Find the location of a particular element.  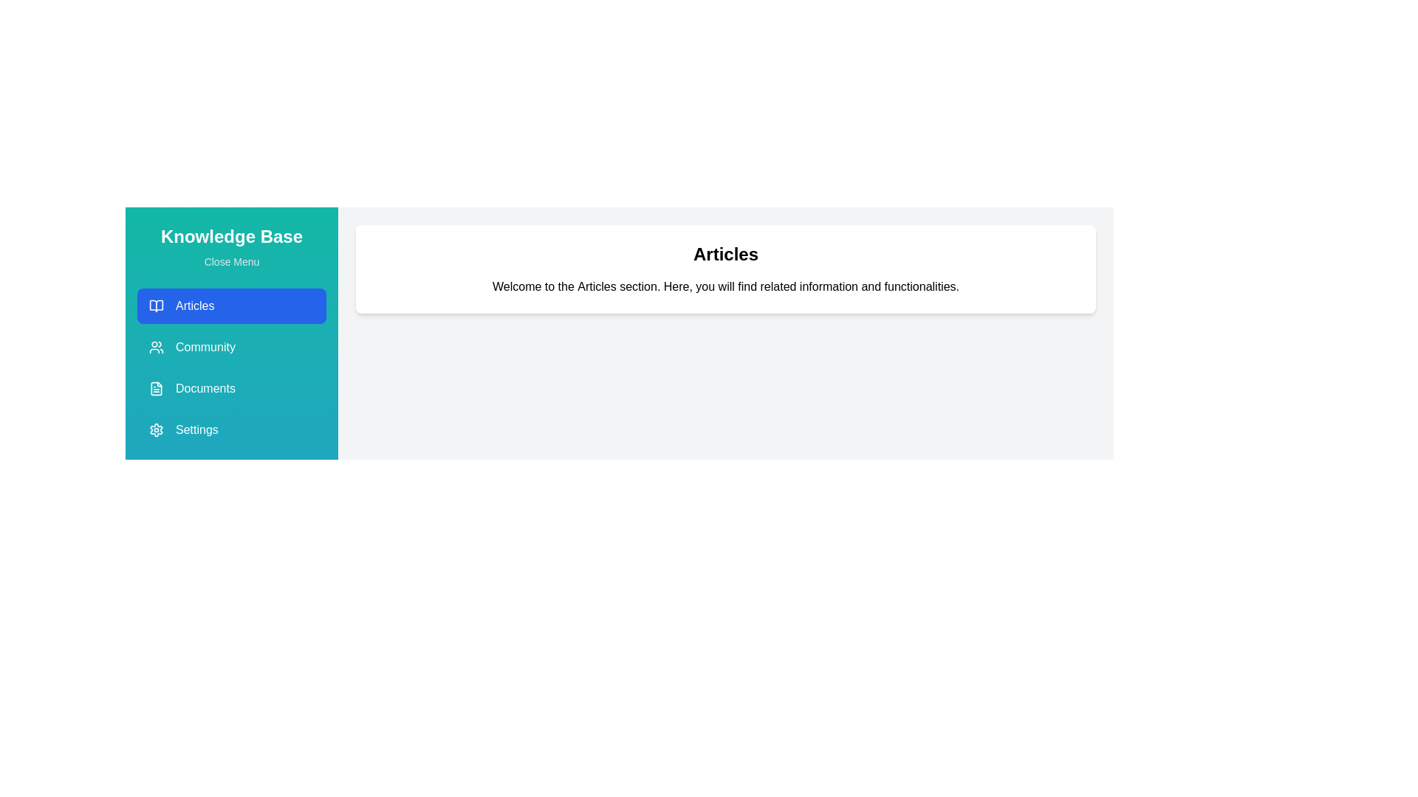

the menu section Documents is located at coordinates (230, 388).